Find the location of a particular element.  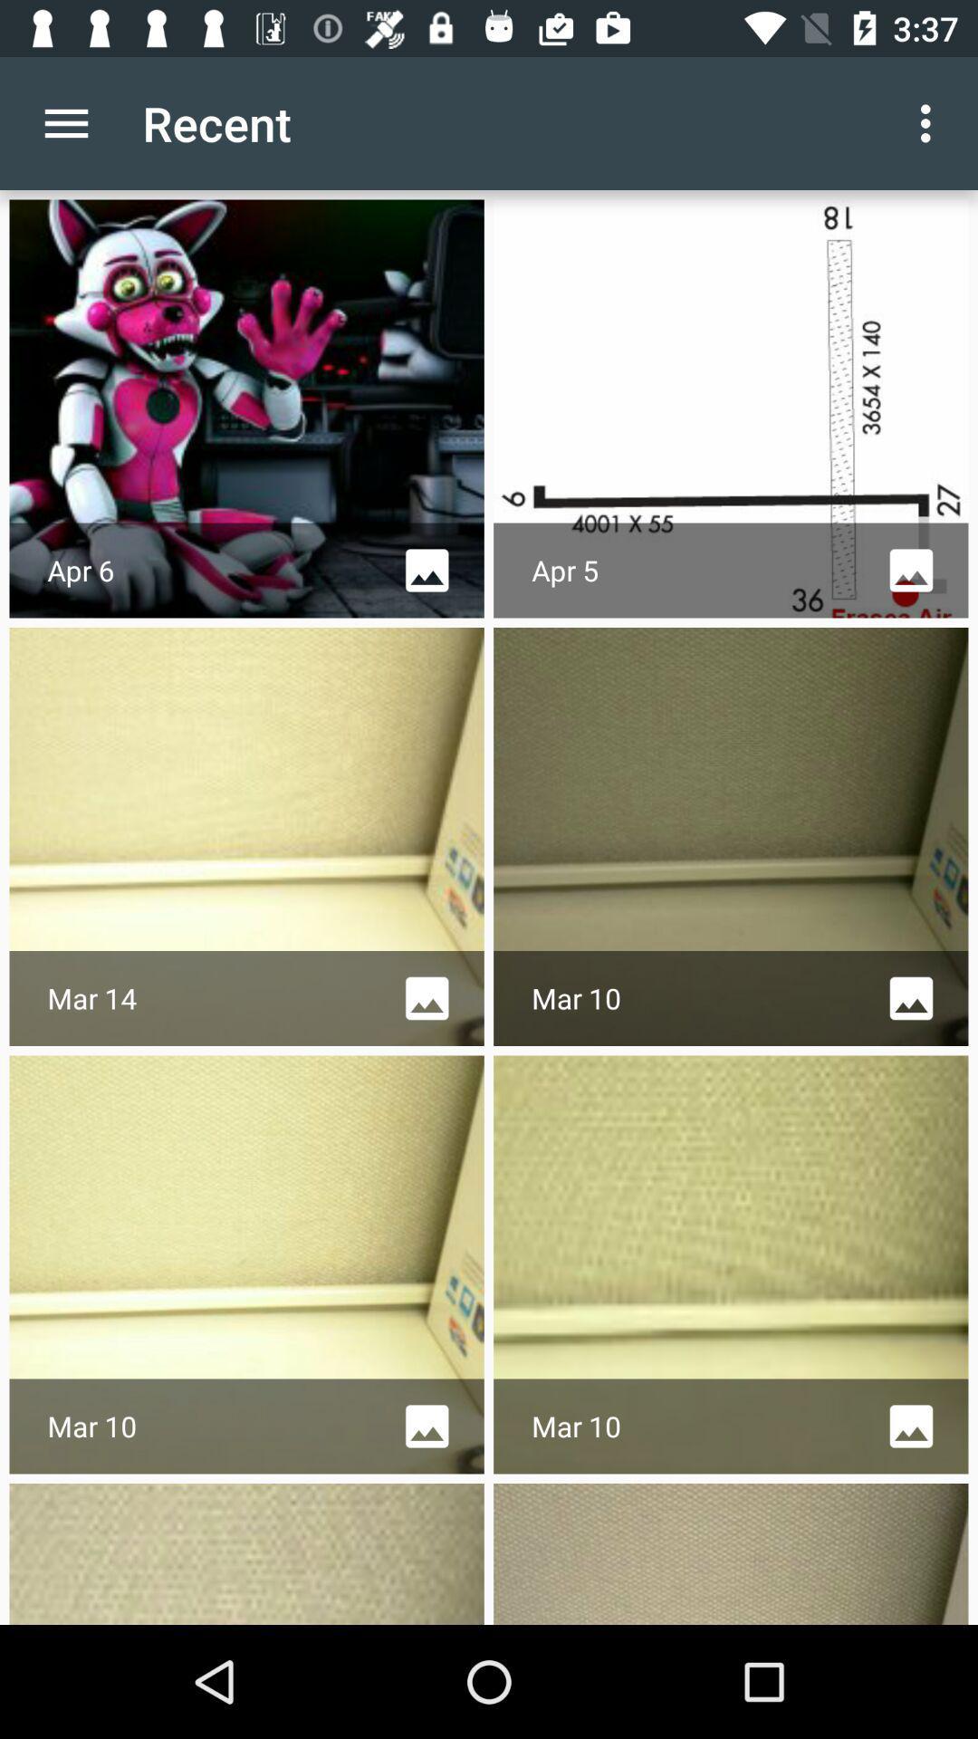

the item next to recent app is located at coordinates (65, 122).